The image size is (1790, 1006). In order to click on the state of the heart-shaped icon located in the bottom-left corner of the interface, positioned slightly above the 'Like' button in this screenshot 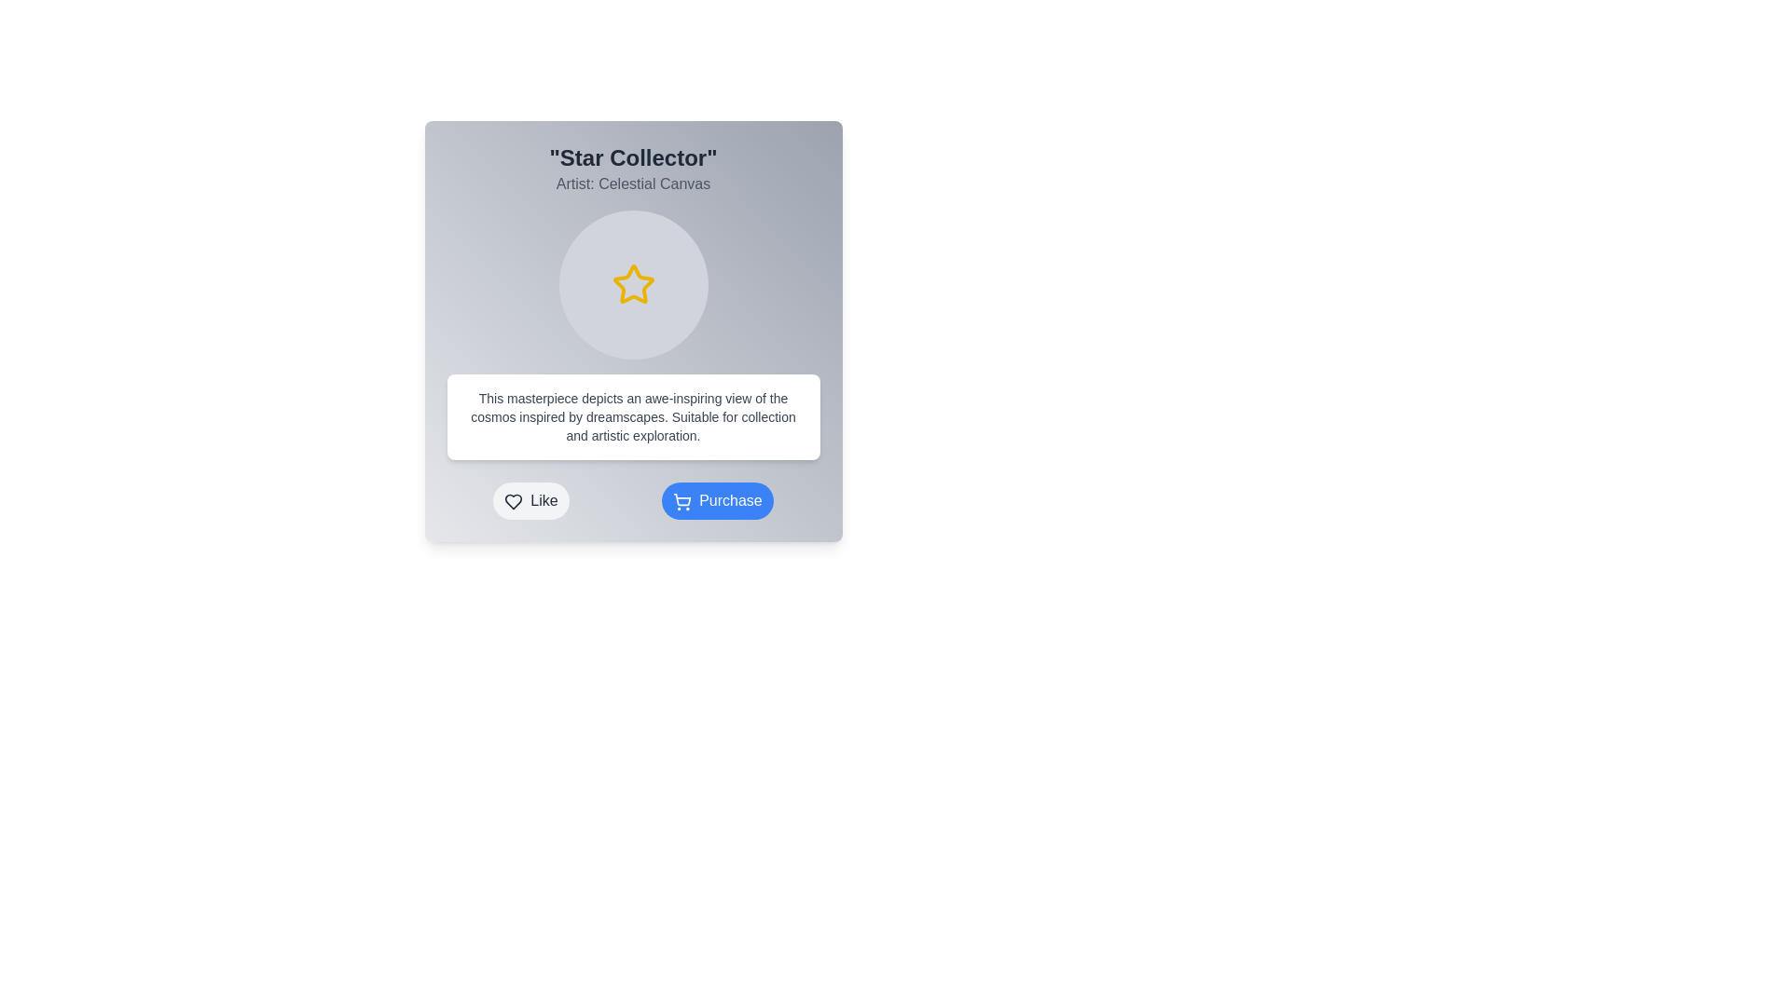, I will do `click(514, 500)`.